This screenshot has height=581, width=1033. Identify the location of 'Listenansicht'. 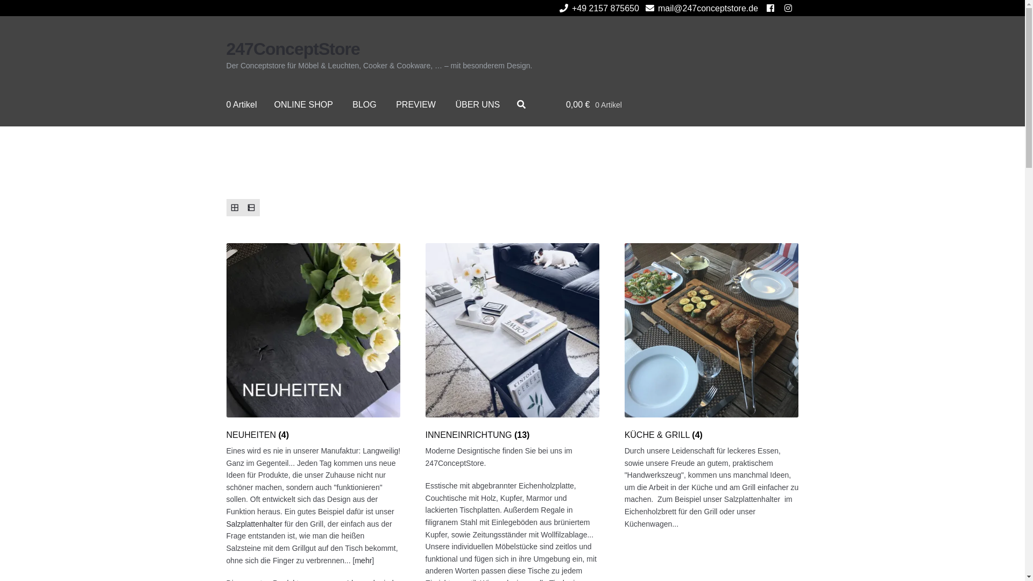
(251, 207).